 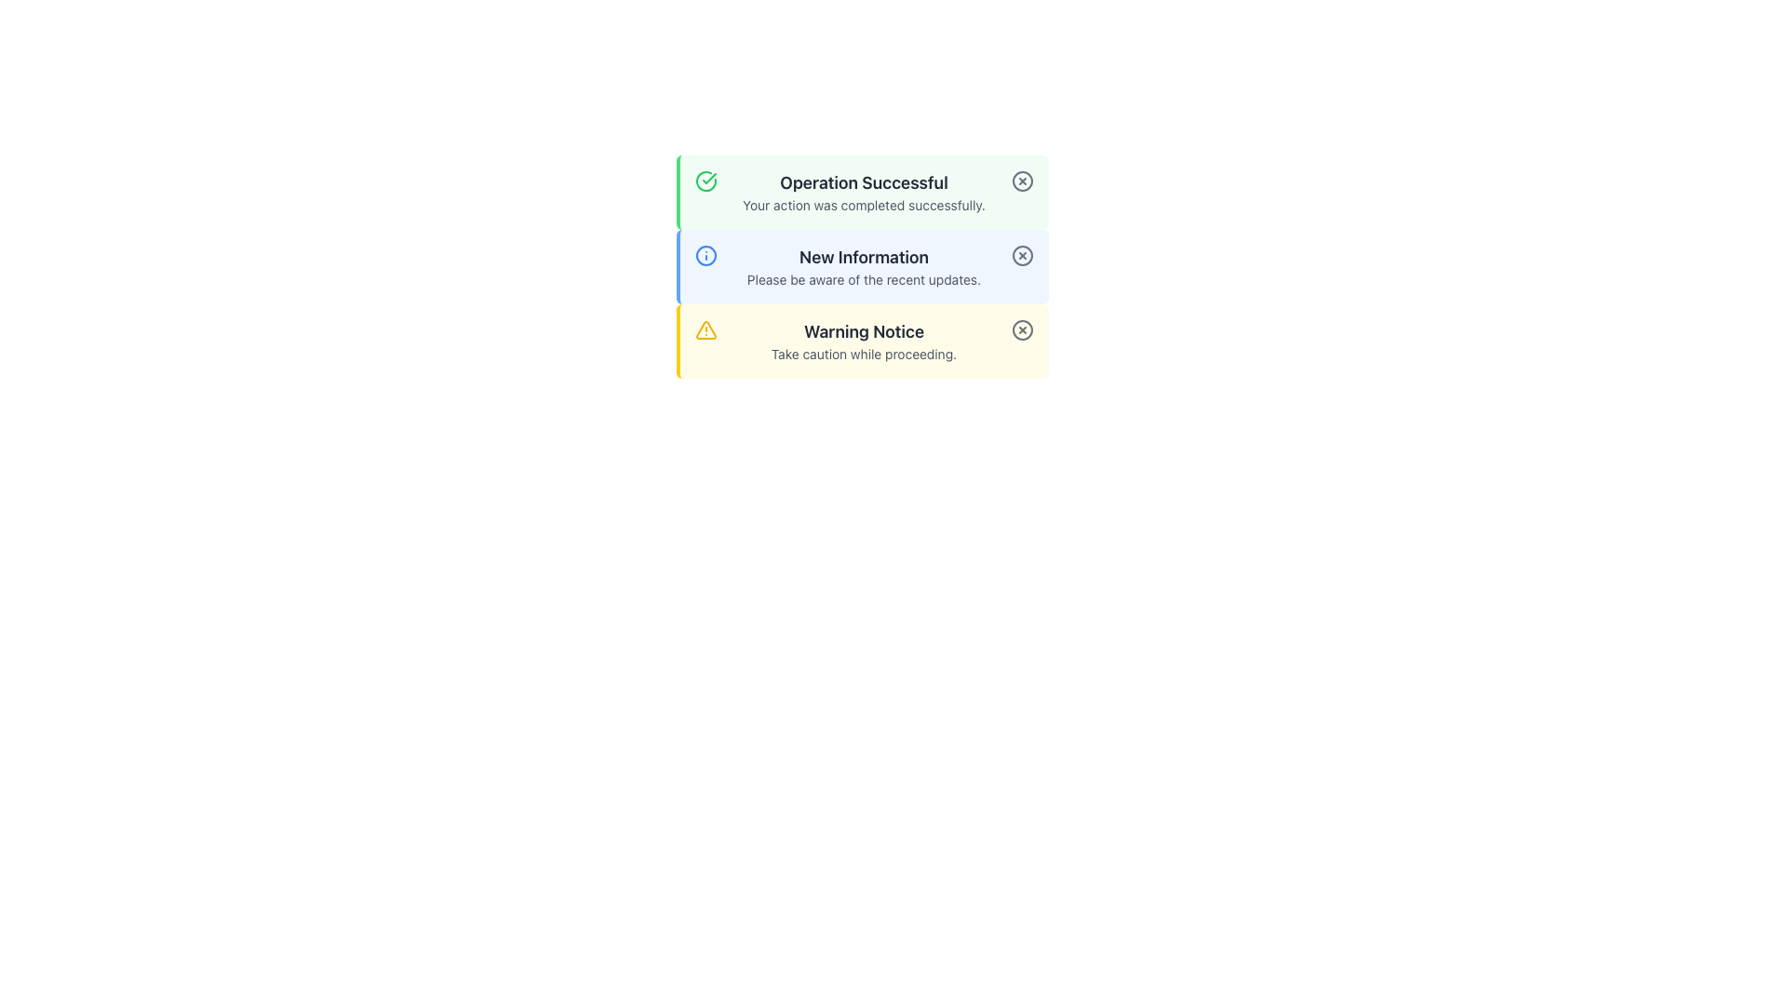 What do you see at coordinates (705, 255) in the screenshot?
I see `the circular blue information icon located on the left side of the notification box titled 'New Information.'` at bounding box center [705, 255].